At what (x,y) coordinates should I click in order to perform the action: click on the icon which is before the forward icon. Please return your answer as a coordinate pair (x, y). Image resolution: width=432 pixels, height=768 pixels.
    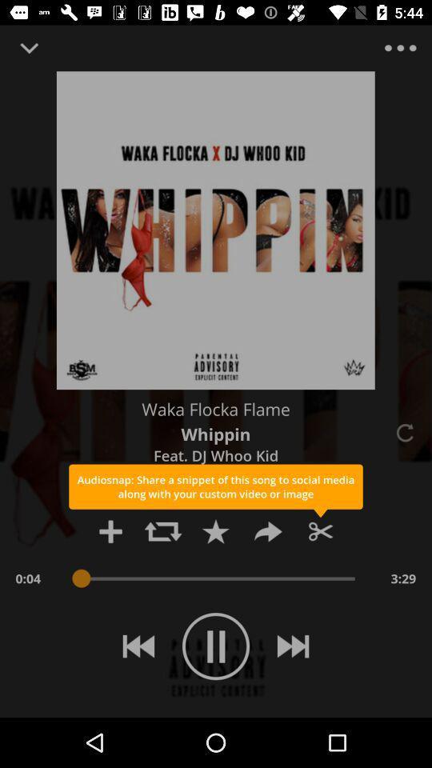
    Looking at the image, I should click on (216, 531).